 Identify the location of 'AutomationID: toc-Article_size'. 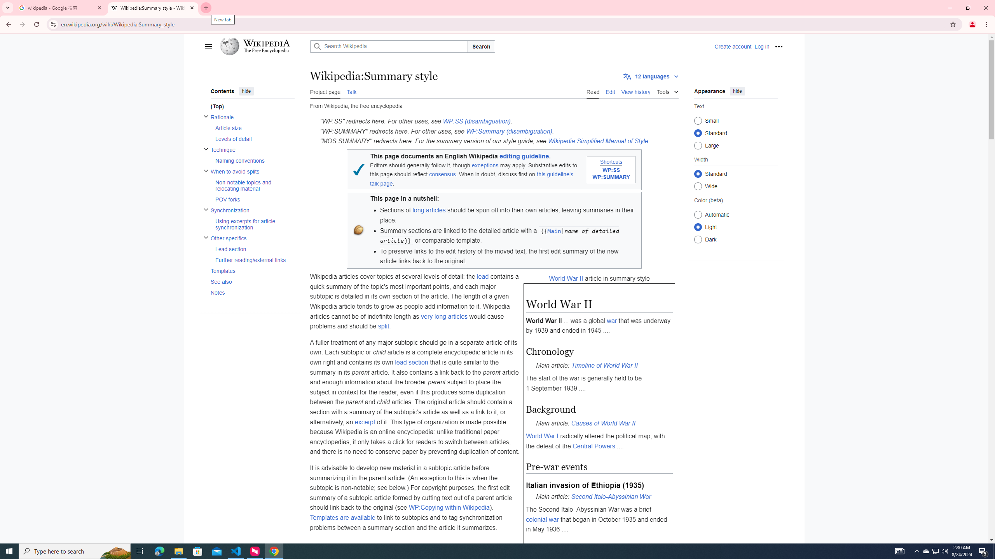
(252, 128).